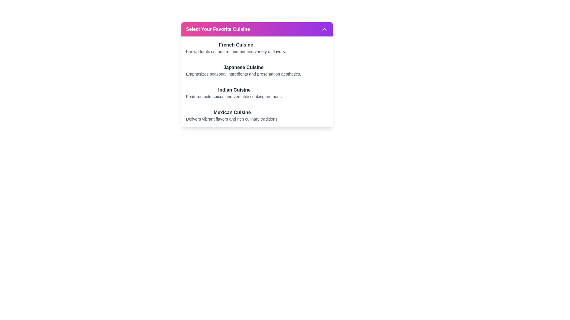 This screenshot has height=320, width=570. Describe the element at coordinates (243, 74) in the screenshot. I see `the static text label that describes 'Japanese Cuisine', which emphasizes seasonal ingredients and presentation aesthetics` at that location.